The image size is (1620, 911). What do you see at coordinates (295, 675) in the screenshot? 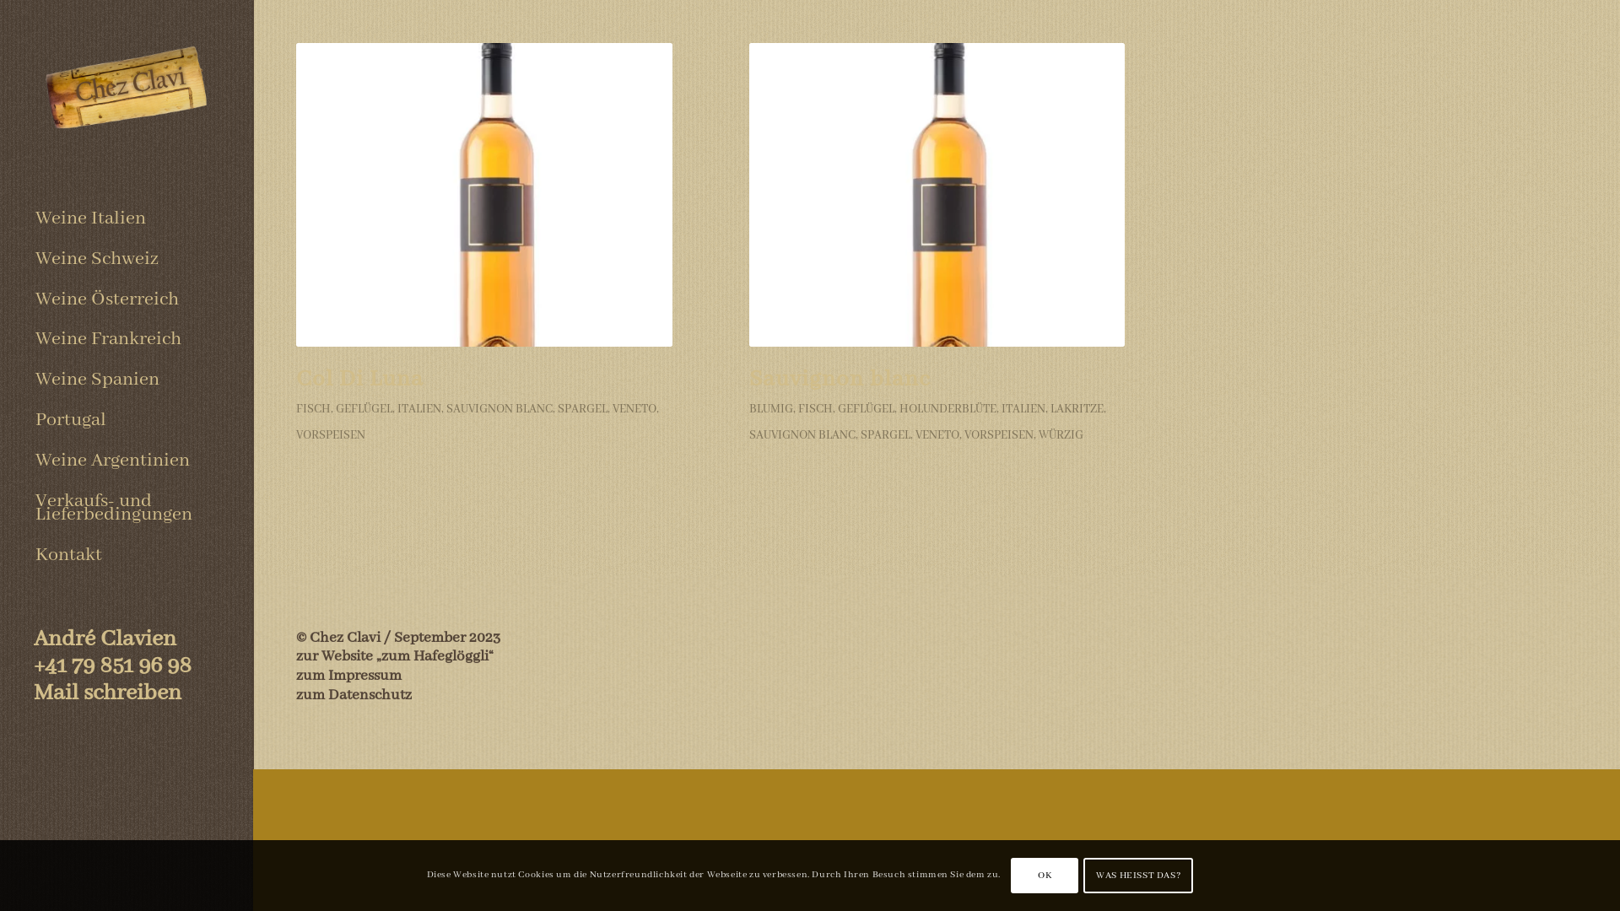
I see `'zum Impressum'` at bounding box center [295, 675].